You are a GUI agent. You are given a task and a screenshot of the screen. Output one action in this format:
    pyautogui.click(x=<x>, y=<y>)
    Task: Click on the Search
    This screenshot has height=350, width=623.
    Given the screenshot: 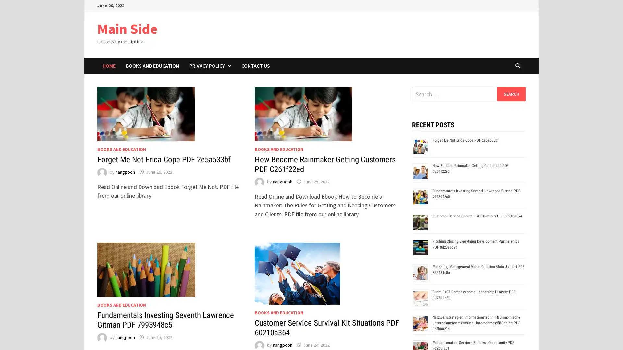 What is the action you would take?
    pyautogui.click(x=511, y=94)
    